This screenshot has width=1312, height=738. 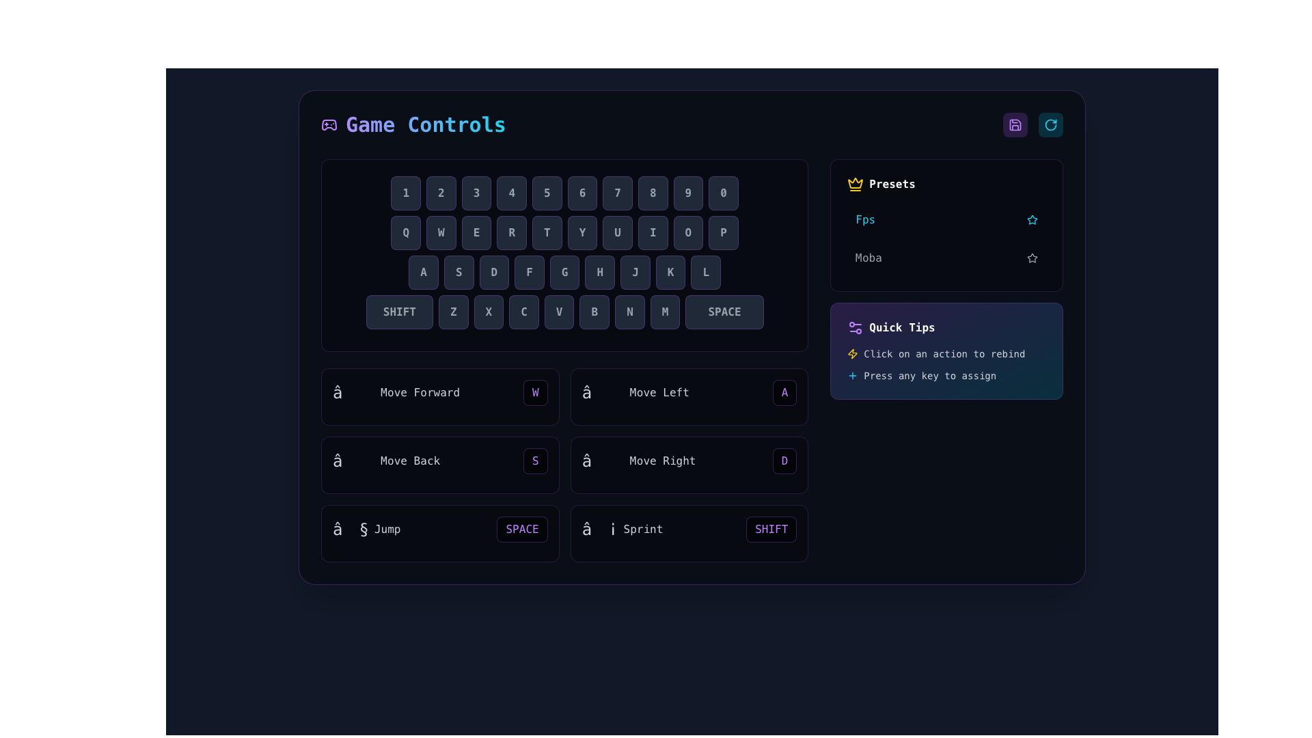 What do you see at coordinates (706, 272) in the screenshot?
I see `the button labeled 'L' located in the bottom-right corner of the grid layout resembling a keyboard` at bounding box center [706, 272].